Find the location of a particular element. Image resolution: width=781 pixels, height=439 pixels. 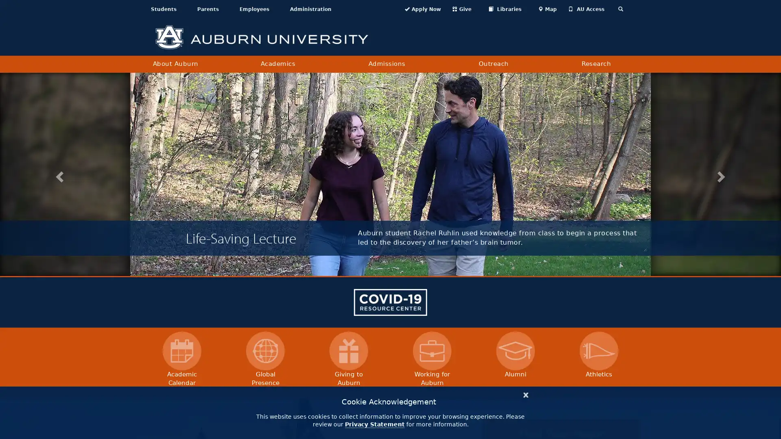

Close is located at coordinates (526, 393).